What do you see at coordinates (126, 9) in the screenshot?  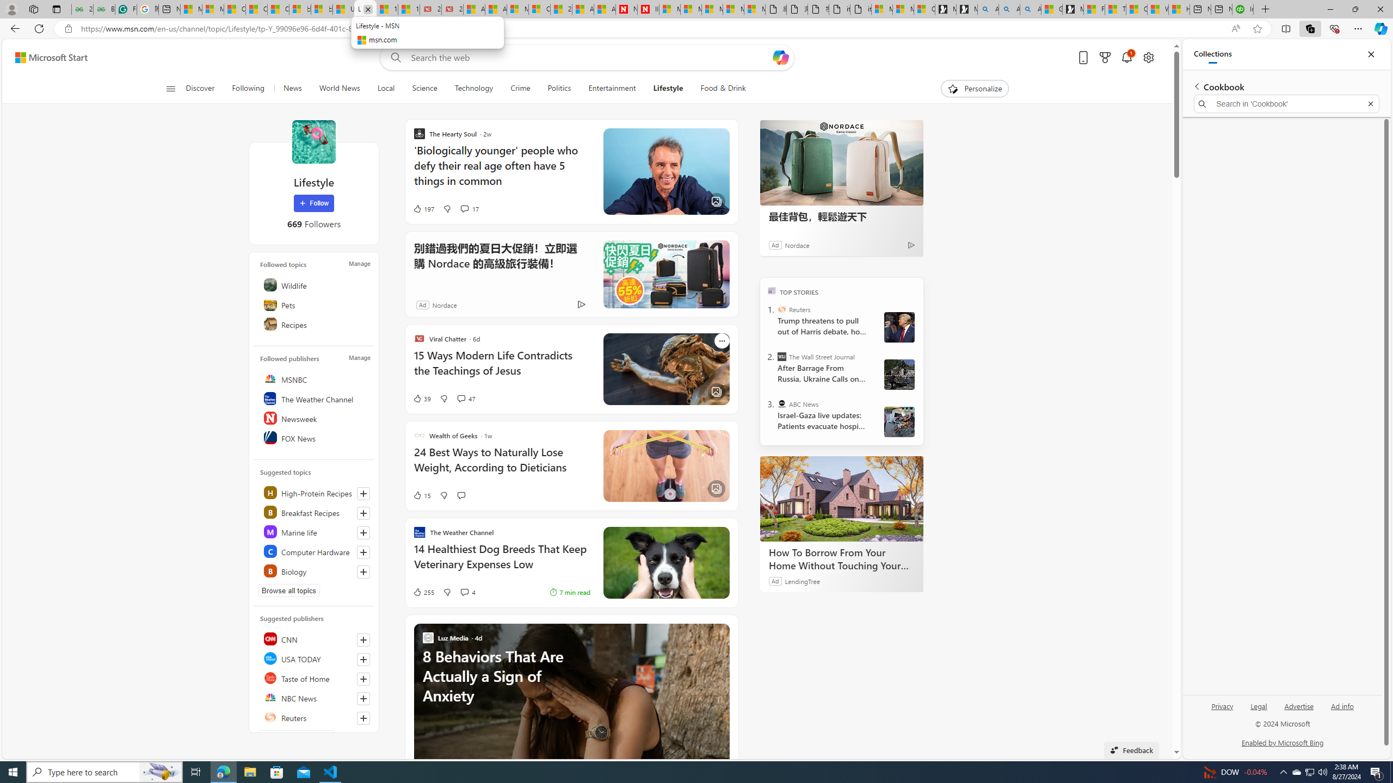 I see `'Free AI Writing Assistance for Students | Grammarly'` at bounding box center [126, 9].